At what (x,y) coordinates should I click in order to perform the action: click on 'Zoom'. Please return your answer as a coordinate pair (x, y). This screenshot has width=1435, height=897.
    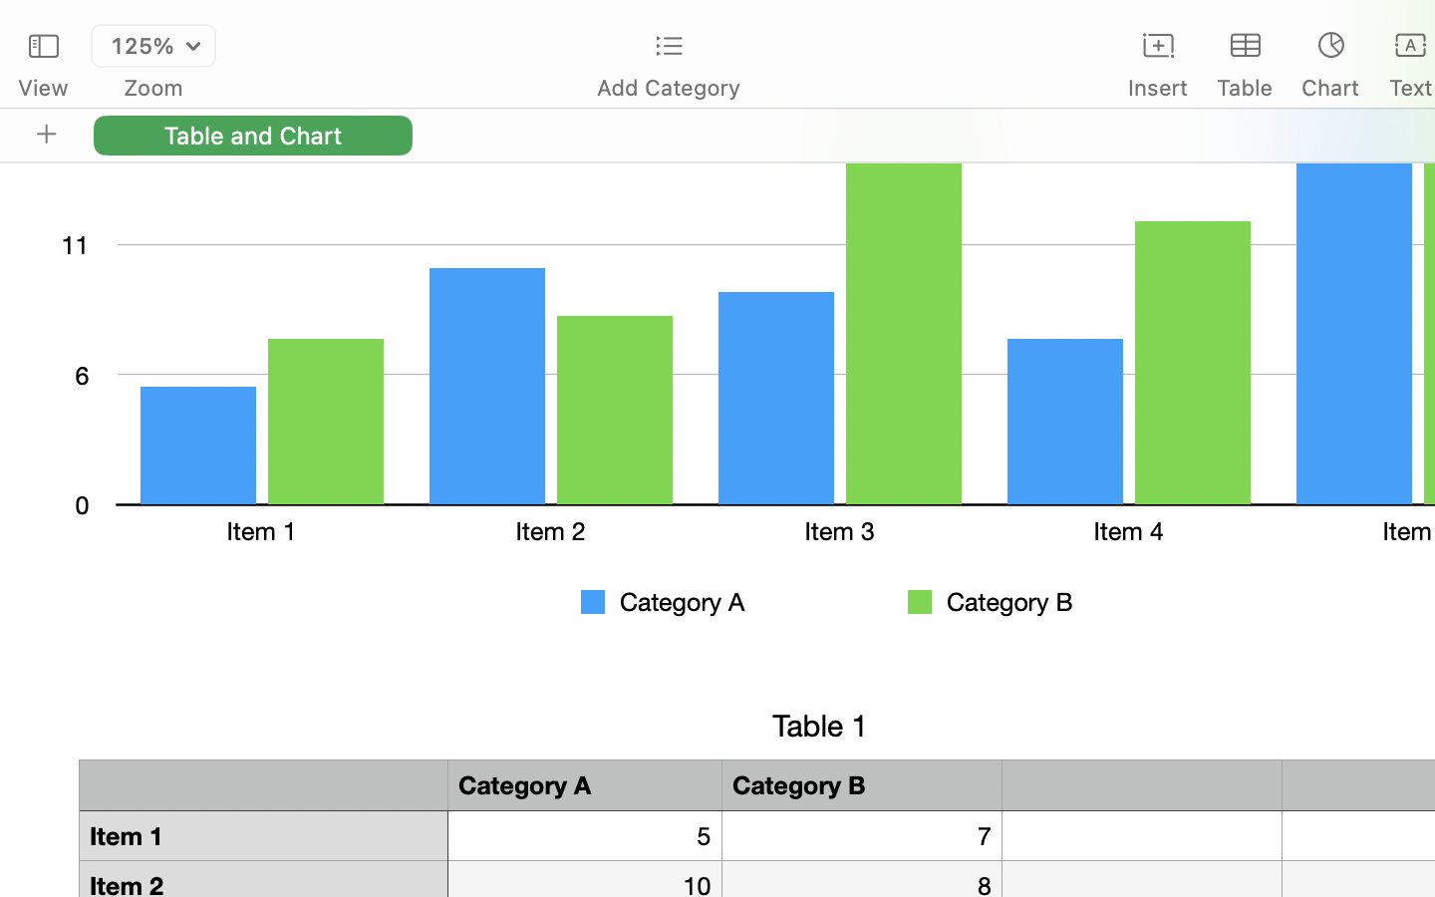
    Looking at the image, I should click on (151, 87).